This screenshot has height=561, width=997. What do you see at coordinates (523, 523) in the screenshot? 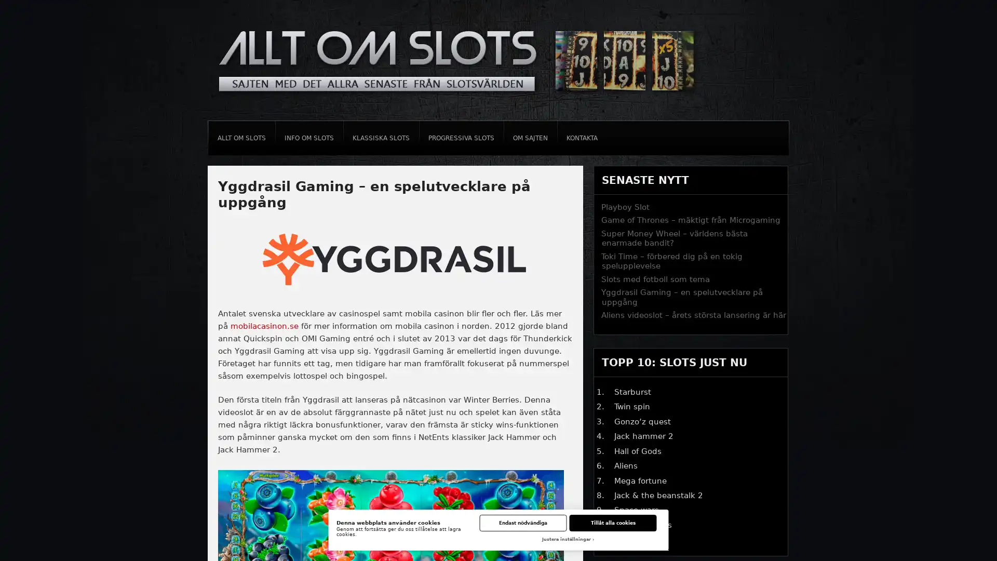
I see `Endast nodvandiga` at bounding box center [523, 523].